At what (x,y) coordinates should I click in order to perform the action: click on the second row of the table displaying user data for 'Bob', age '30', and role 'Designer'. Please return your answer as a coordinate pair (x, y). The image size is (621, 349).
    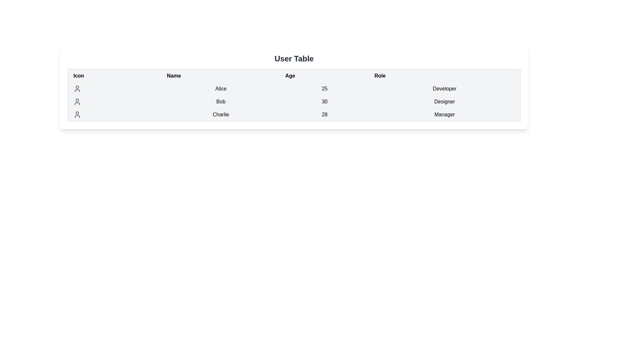
    Looking at the image, I should click on (294, 102).